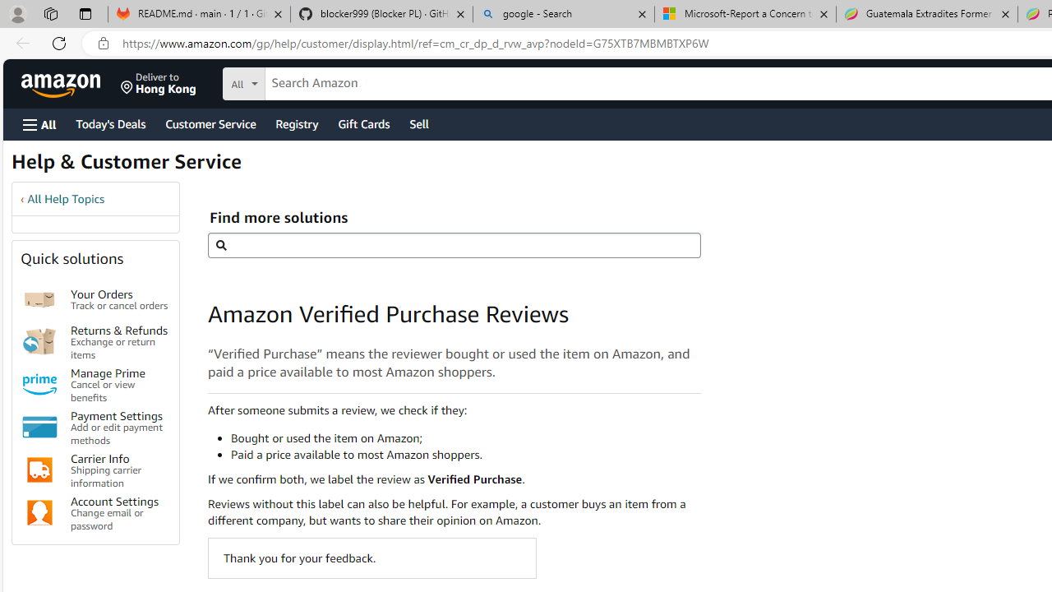 The height and width of the screenshot is (592, 1052). I want to click on 'Payment Settings Add or edit payment methods', so click(118, 426).